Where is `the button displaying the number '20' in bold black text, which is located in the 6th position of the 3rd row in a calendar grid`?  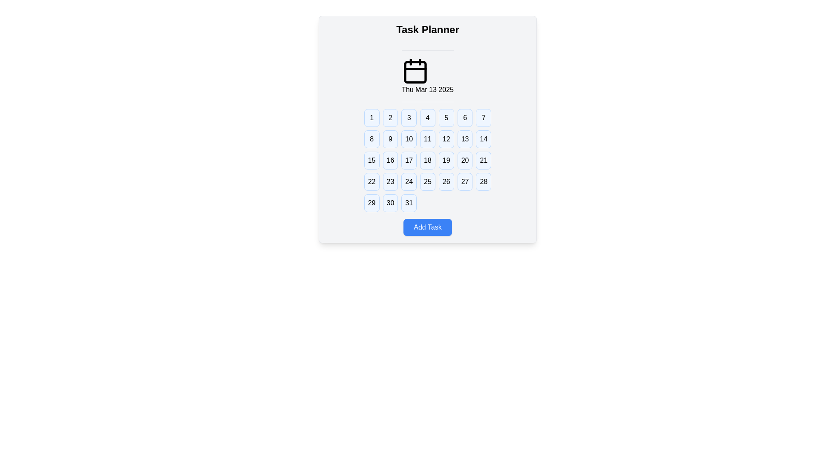
the button displaying the number '20' in bold black text, which is located in the 6th position of the 3rd row in a calendar grid is located at coordinates (464, 161).